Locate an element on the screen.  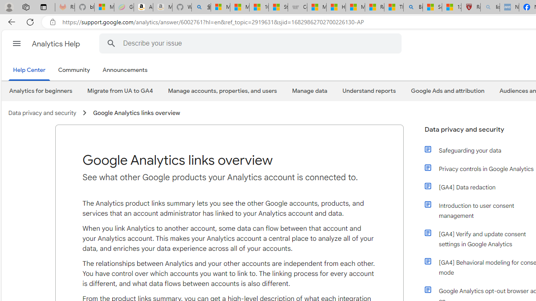
'Analytics Help' is located at coordinates (56, 44).